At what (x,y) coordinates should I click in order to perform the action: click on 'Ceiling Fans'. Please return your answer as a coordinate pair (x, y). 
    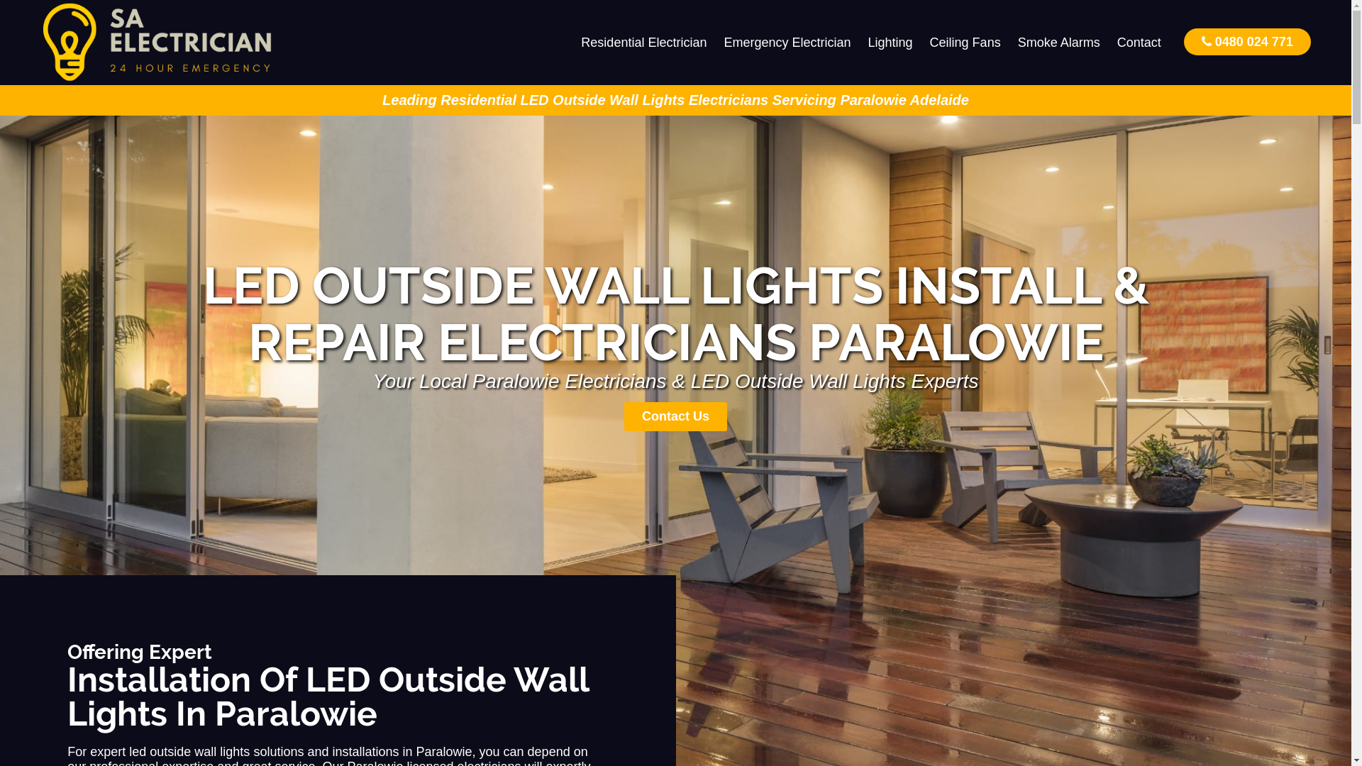
    Looking at the image, I should click on (965, 42).